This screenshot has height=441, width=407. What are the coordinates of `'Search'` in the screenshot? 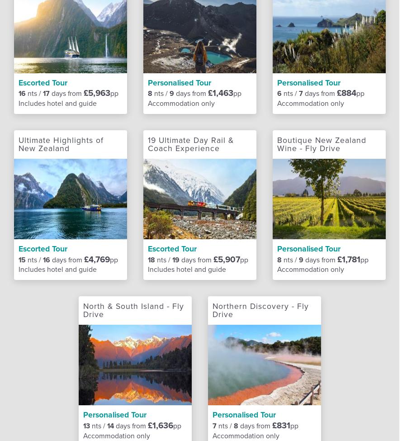 It's located at (259, 38).